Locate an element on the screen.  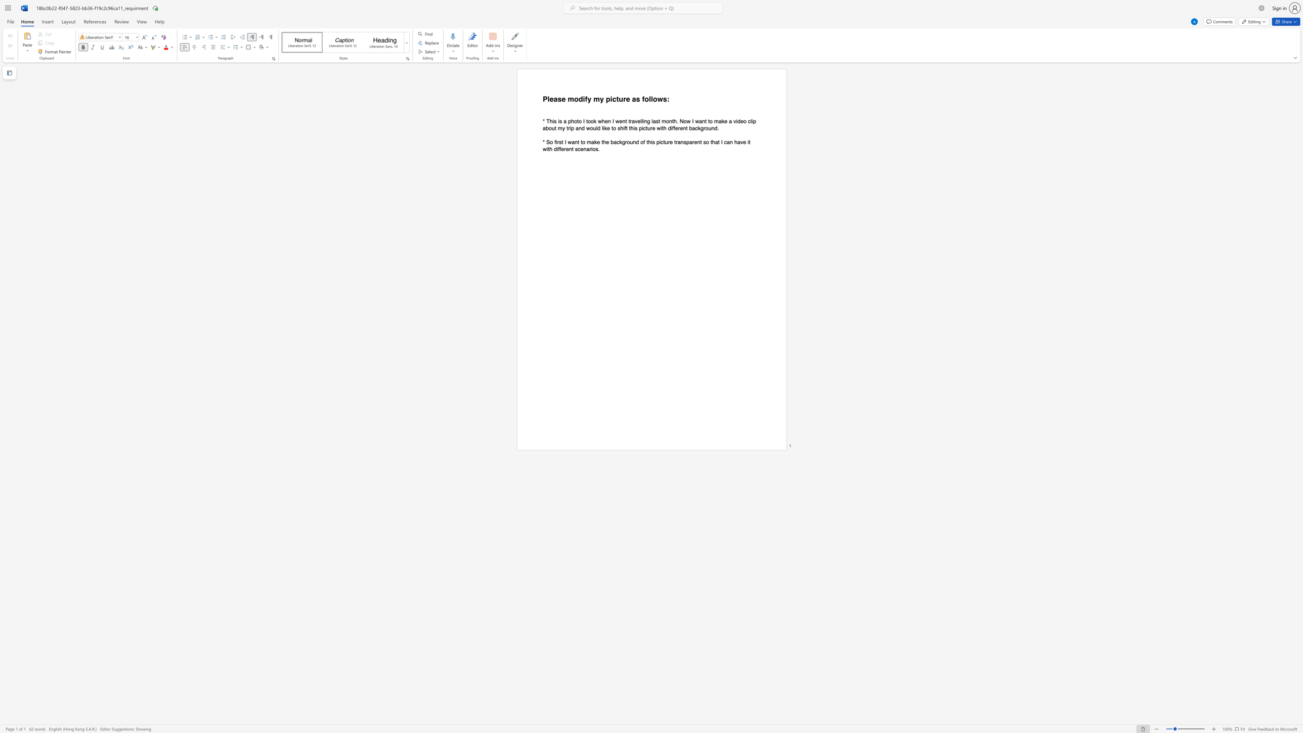
the 1th character "h" in the text is located at coordinates (551, 120).